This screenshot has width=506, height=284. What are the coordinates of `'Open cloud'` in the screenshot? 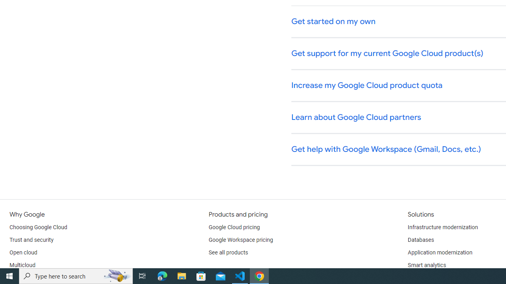 It's located at (23, 252).